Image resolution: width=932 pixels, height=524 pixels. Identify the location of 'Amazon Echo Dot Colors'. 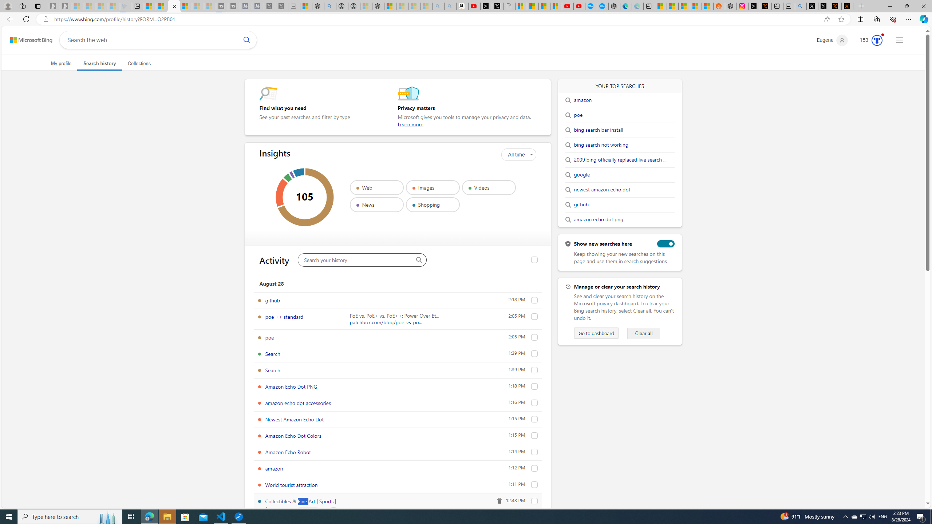
(293, 435).